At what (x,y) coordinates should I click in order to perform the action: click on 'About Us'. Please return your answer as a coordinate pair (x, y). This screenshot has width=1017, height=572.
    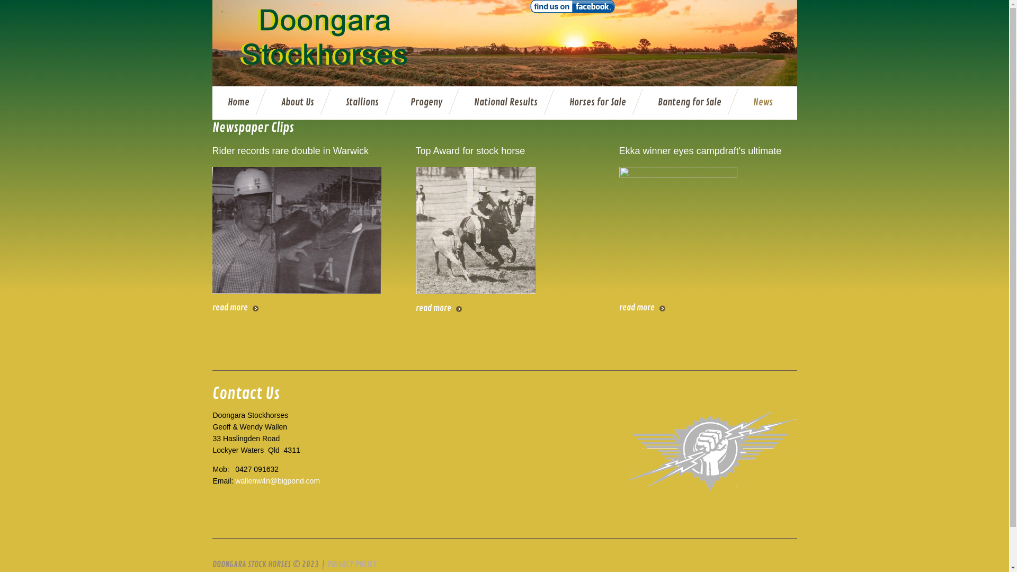
    Looking at the image, I should click on (297, 102).